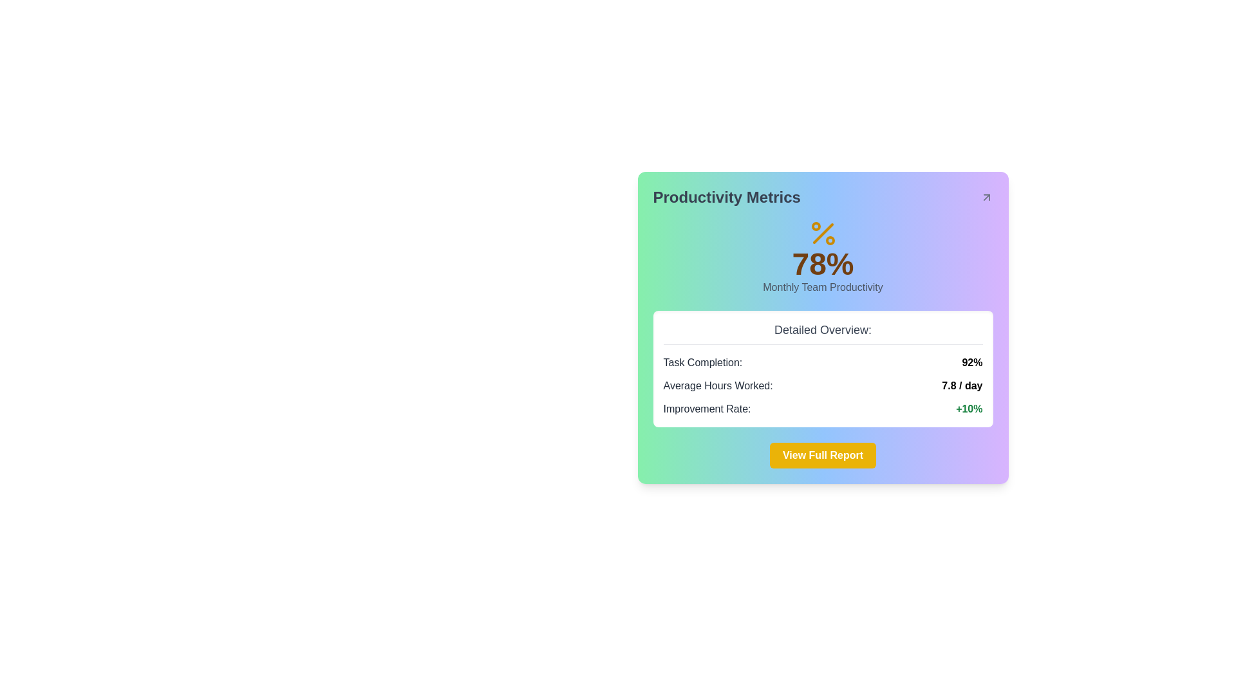 This screenshot has width=1236, height=695. I want to click on the Informational block displaying '78% Monthly Team Productivity' with a prominent yellow '78%' text and a gradient background transitioning from green to purple, so click(822, 256).